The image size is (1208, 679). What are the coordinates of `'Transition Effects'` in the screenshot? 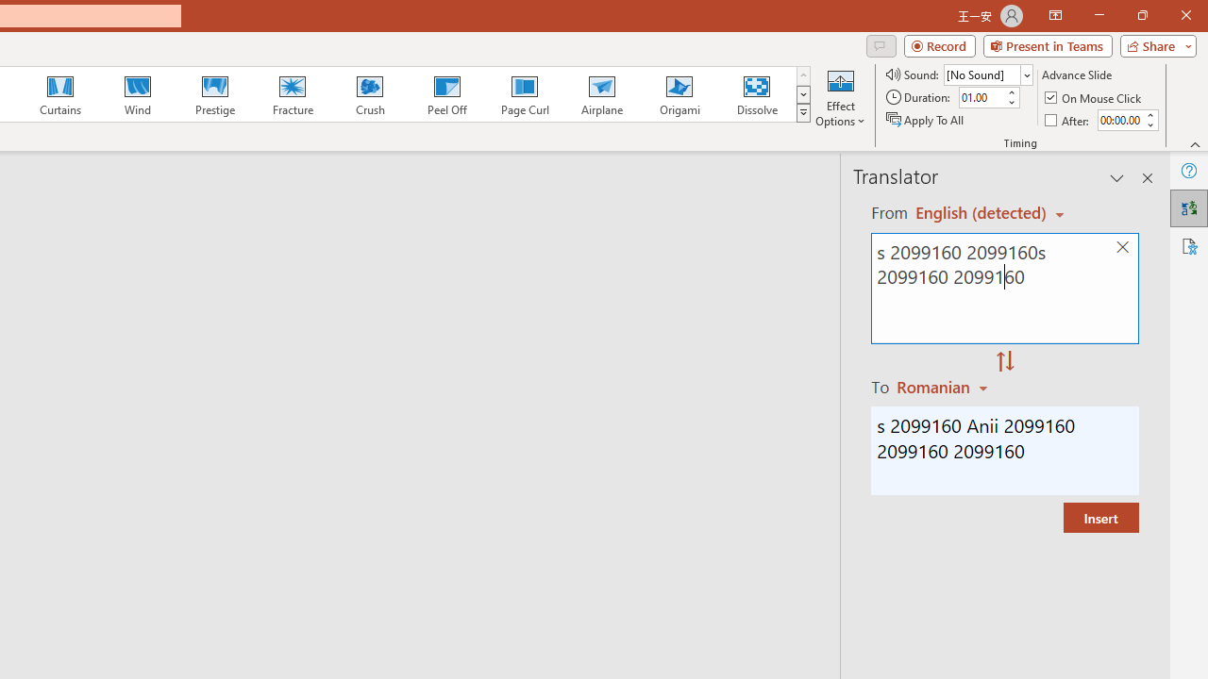 It's located at (803, 113).